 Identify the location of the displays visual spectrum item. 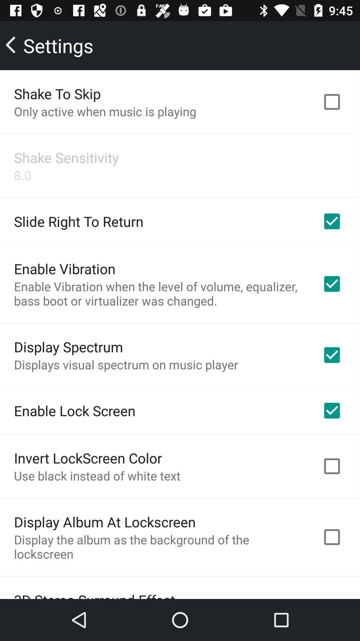
(126, 364).